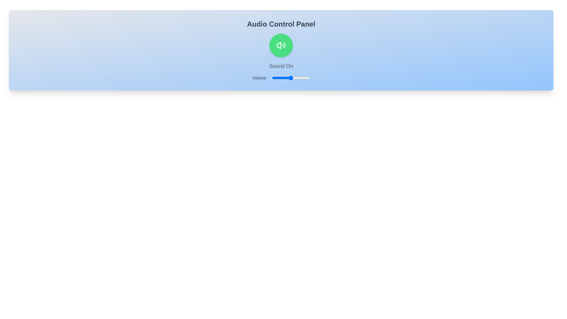 The image size is (567, 319). What do you see at coordinates (292, 77) in the screenshot?
I see `the volume slider to set the volume to 54%` at bounding box center [292, 77].